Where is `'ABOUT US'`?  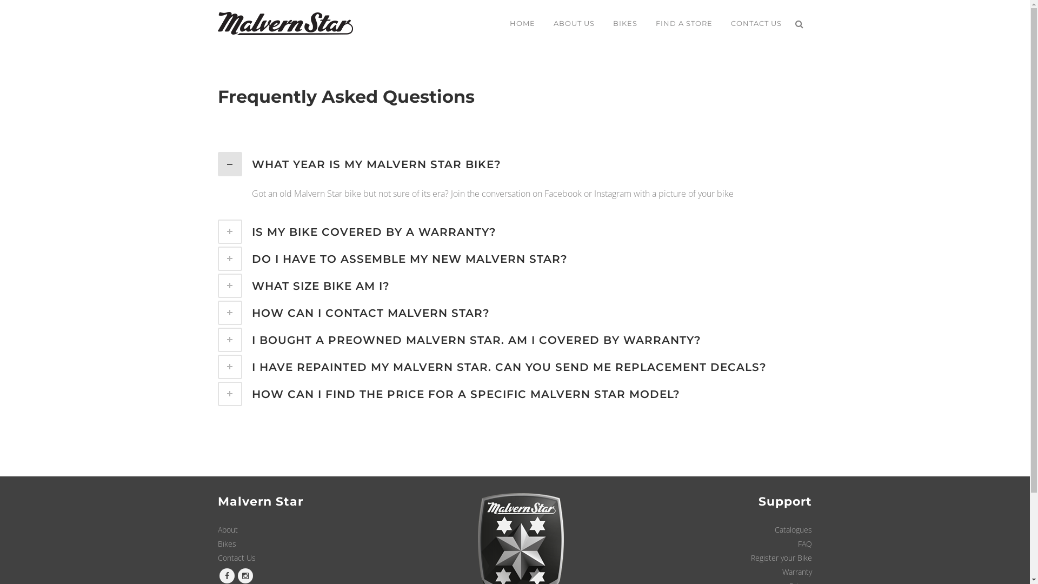 'ABOUT US' is located at coordinates (573, 23).